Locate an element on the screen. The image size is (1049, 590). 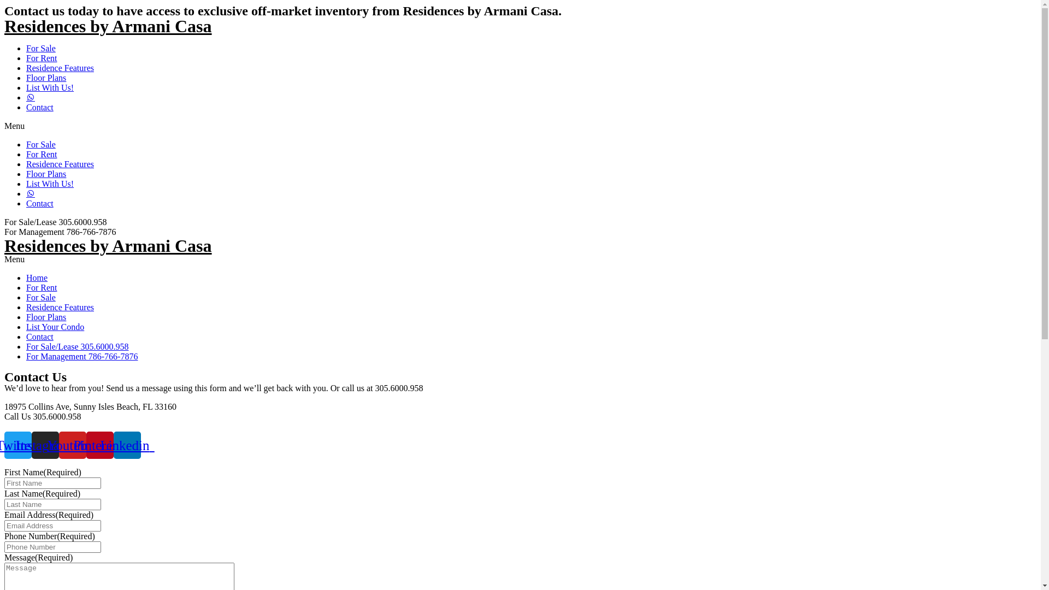
'Instagram' is located at coordinates (31, 445).